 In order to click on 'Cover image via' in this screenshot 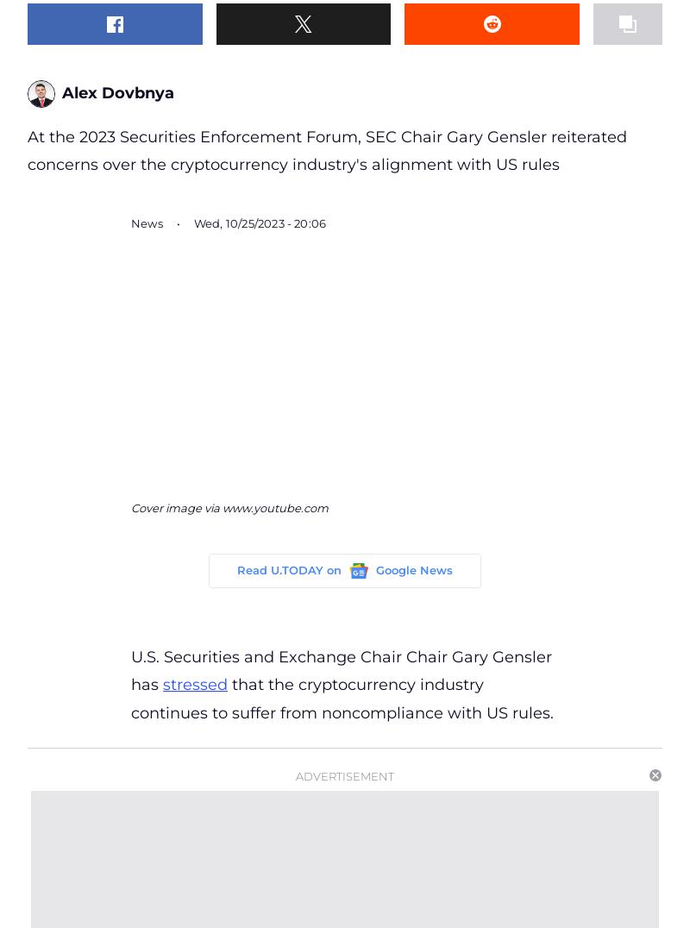, I will do `click(176, 508)`.